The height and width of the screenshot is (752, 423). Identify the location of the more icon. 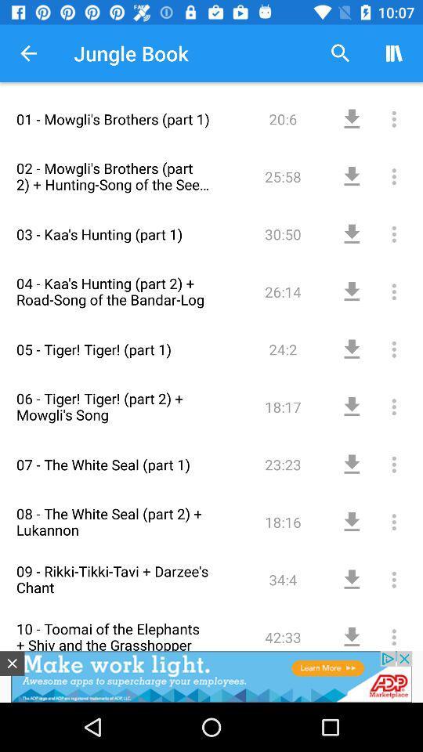
(377, 281).